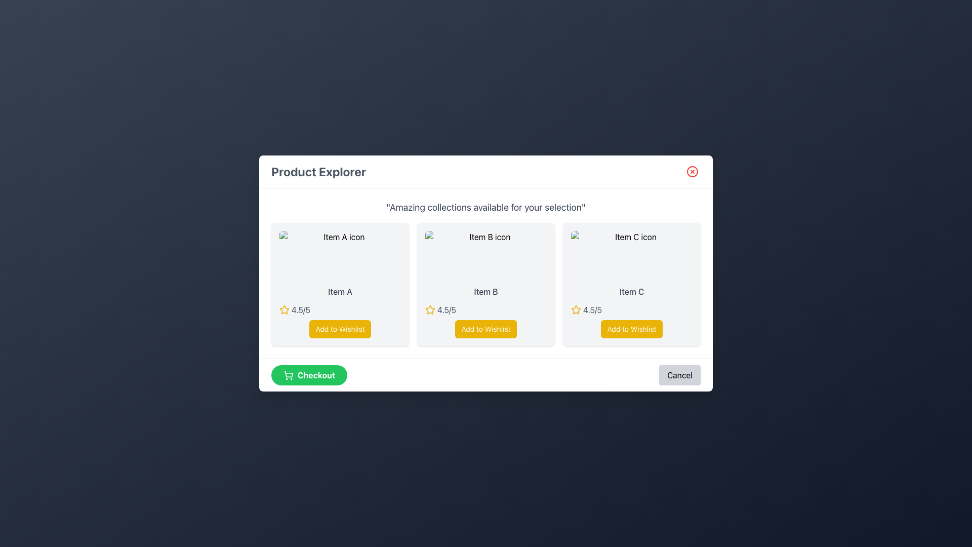 This screenshot has width=972, height=547. Describe the element at coordinates (692, 171) in the screenshot. I see `the close button located at the top-right corner of the dialog box` at that location.